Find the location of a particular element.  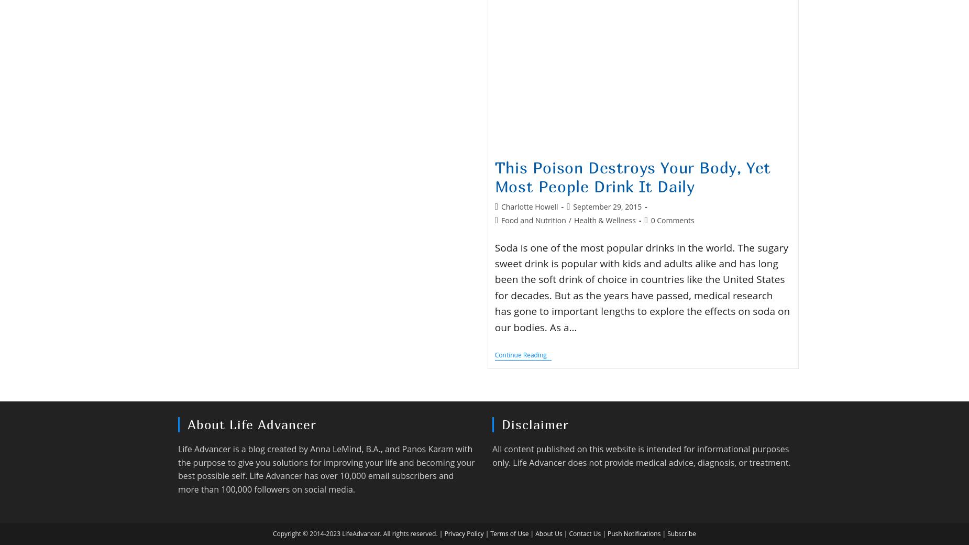

'This Poison Destroys Your Body, Yet Most People Drink It Daily' is located at coordinates (632, 176).